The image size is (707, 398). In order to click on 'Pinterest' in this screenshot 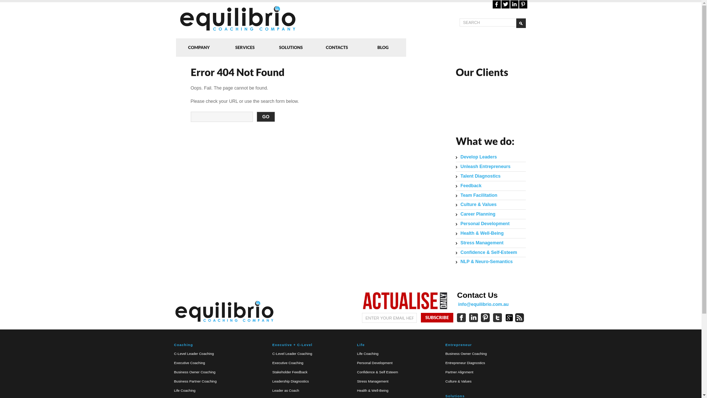, I will do `click(523, 4)`.